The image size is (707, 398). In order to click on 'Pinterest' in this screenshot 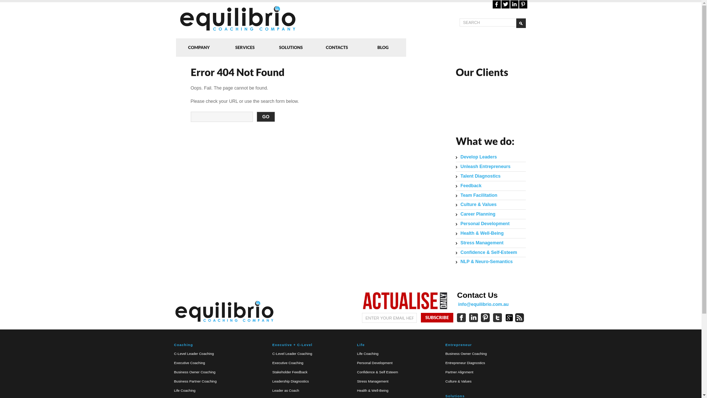, I will do `click(523, 4)`.